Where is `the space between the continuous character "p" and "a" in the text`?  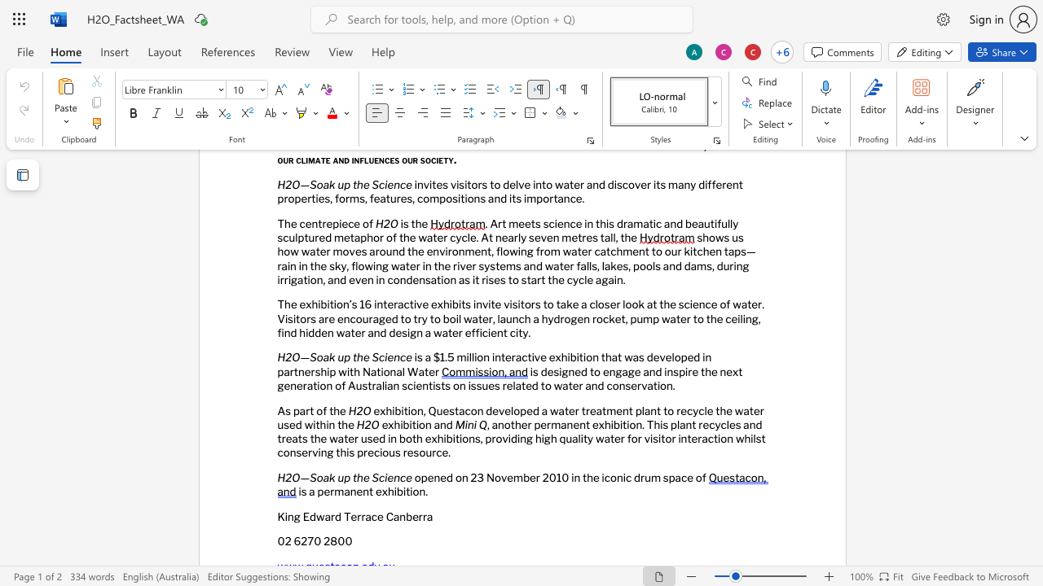
the space between the continuous character "p" and "a" in the text is located at coordinates (299, 409).